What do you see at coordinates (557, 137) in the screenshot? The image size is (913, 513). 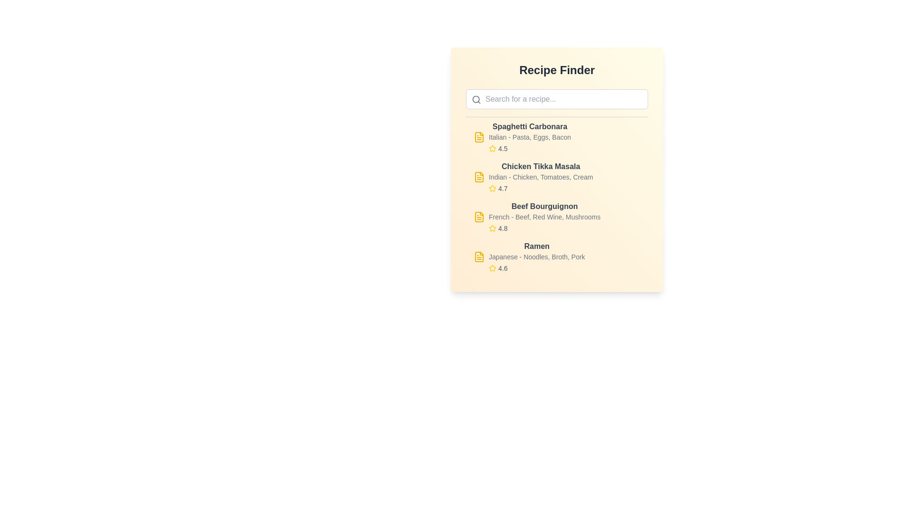 I see `the first list item card titled 'Spaghetti Carbonara' that includes the rating '4.5' and is located below the search bar in the 'Recipe Finder' section` at bounding box center [557, 137].